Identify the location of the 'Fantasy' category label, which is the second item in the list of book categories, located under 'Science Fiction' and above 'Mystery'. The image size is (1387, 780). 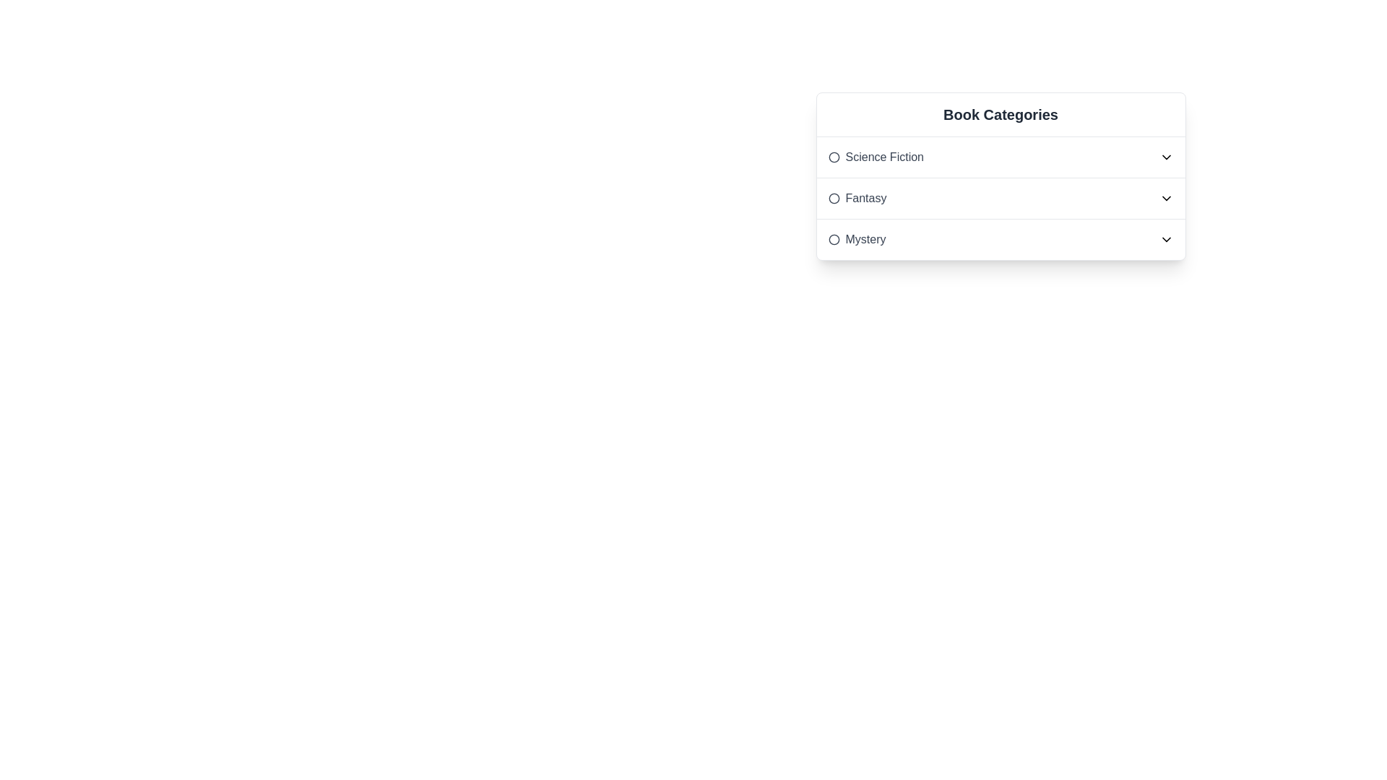
(857, 198).